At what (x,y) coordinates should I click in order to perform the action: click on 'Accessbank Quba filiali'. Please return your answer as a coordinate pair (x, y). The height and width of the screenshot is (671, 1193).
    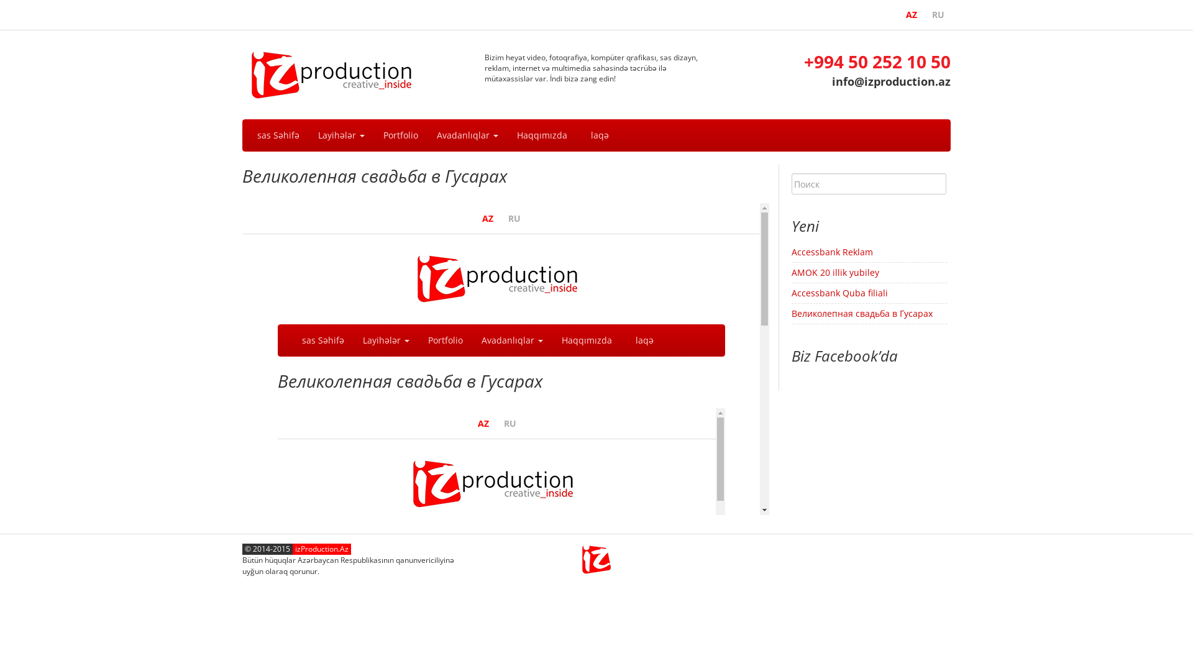
    Looking at the image, I should click on (839, 293).